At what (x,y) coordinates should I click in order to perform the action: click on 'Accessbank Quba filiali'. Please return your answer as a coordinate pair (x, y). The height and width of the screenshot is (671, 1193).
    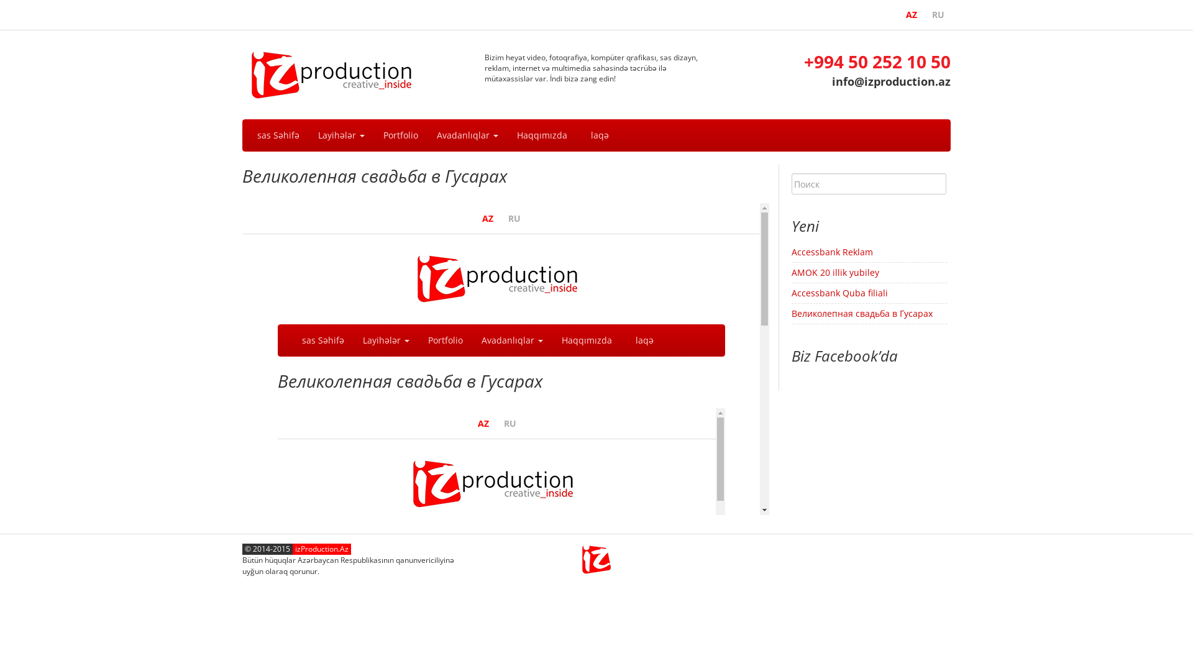
    Looking at the image, I should click on (839, 293).